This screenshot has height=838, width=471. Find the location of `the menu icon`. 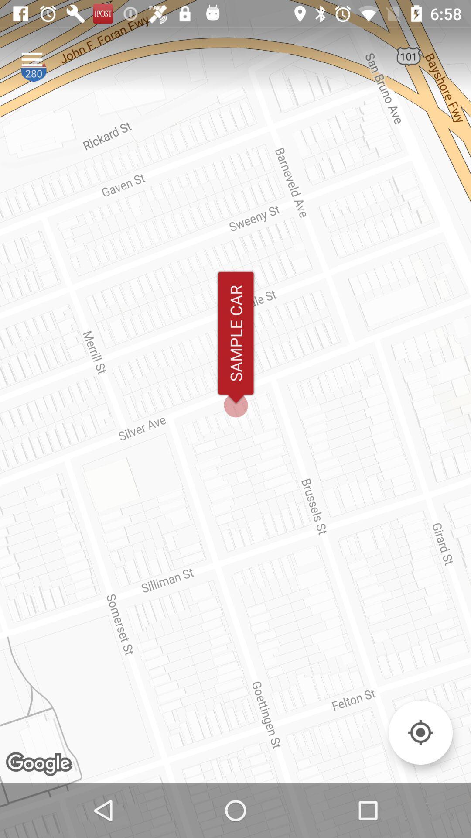

the menu icon is located at coordinates (31, 59).